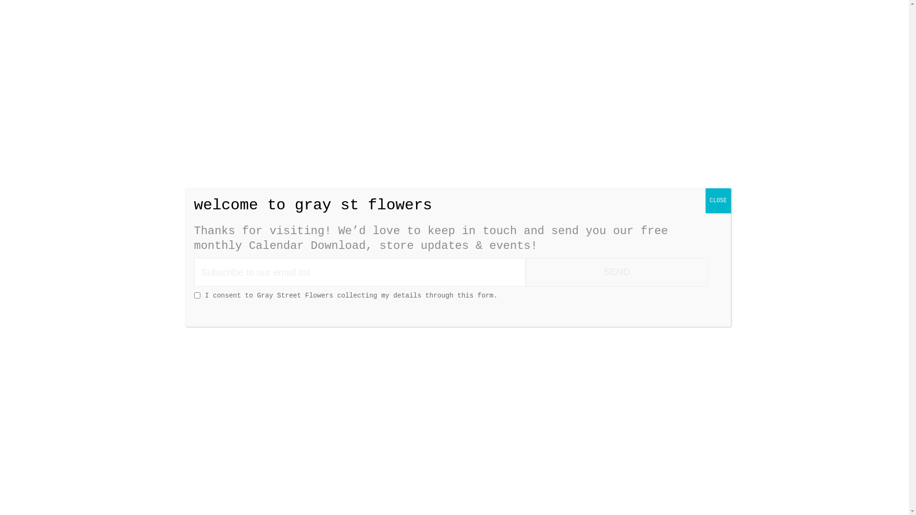 Image resolution: width=916 pixels, height=515 pixels. What do you see at coordinates (705, 200) in the screenshot?
I see `'CLOSE'` at bounding box center [705, 200].